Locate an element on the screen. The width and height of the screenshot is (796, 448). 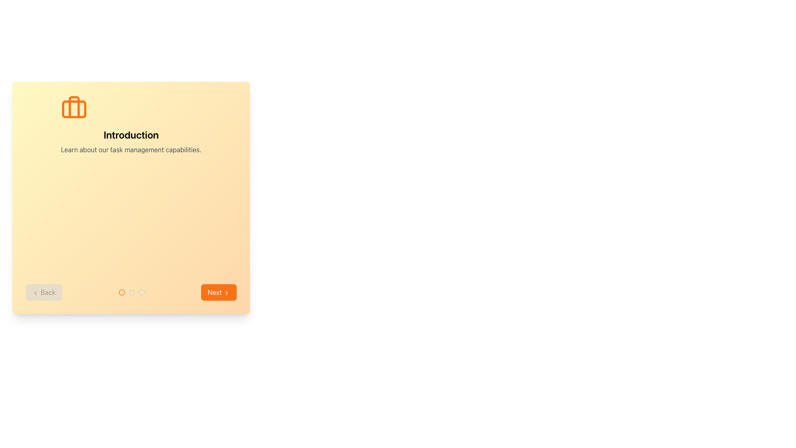
the second SVG Circle which serves as a visual indicator in the pagination or progress sequence, located above the 'Back' and 'Next' buttons is located at coordinates (141, 292).